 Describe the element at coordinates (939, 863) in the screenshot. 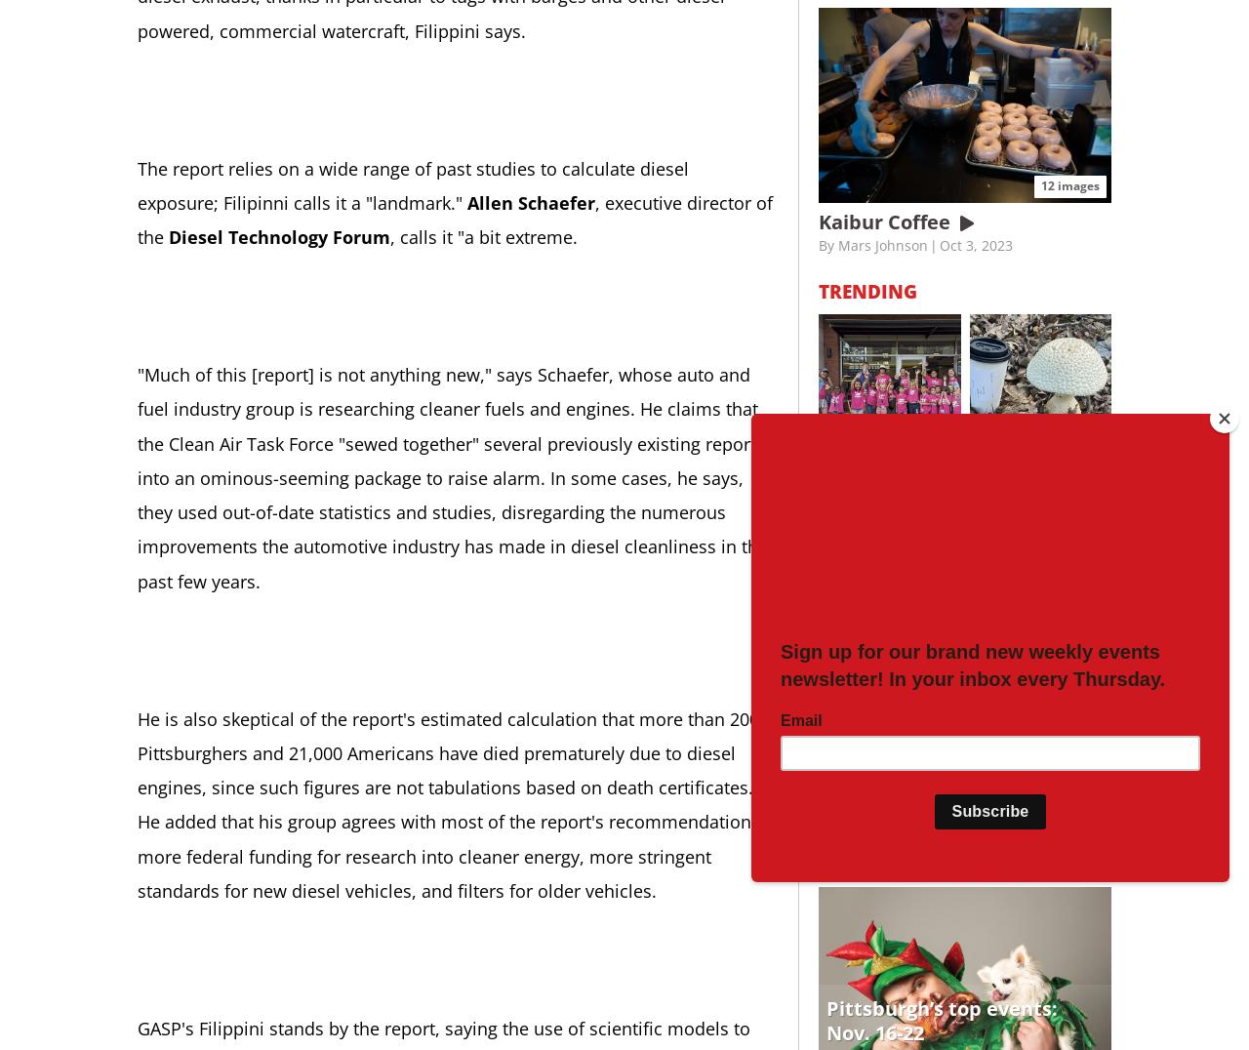

I see `'Things To Do This Week'` at that location.